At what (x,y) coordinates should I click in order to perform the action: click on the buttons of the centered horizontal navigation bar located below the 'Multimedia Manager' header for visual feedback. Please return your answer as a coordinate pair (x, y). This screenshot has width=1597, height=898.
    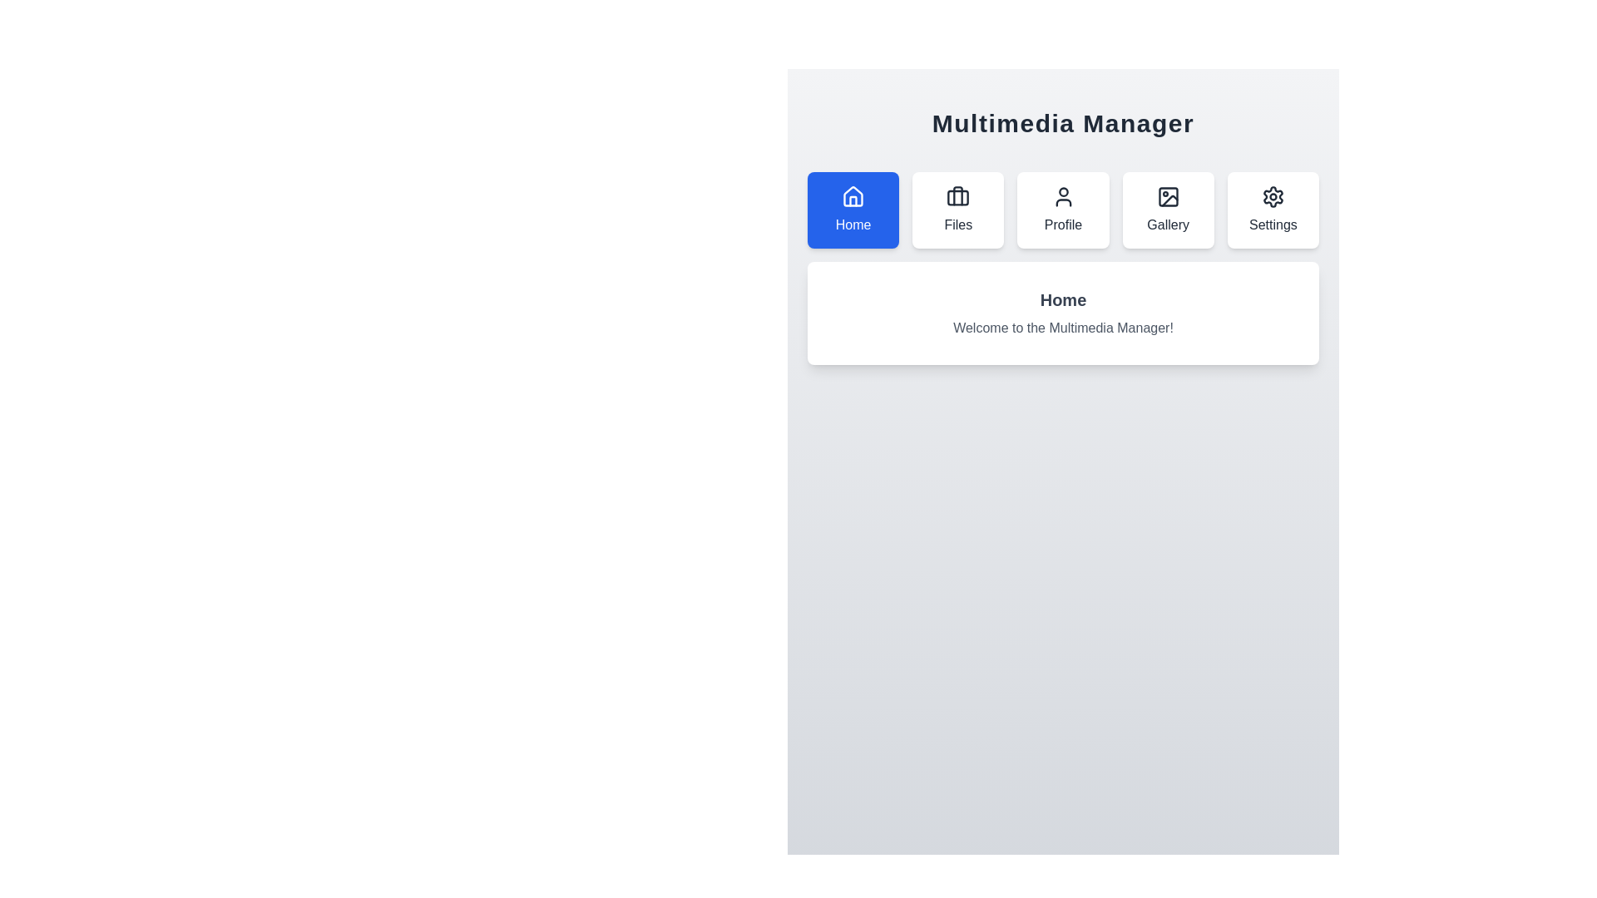
    Looking at the image, I should click on (1062, 210).